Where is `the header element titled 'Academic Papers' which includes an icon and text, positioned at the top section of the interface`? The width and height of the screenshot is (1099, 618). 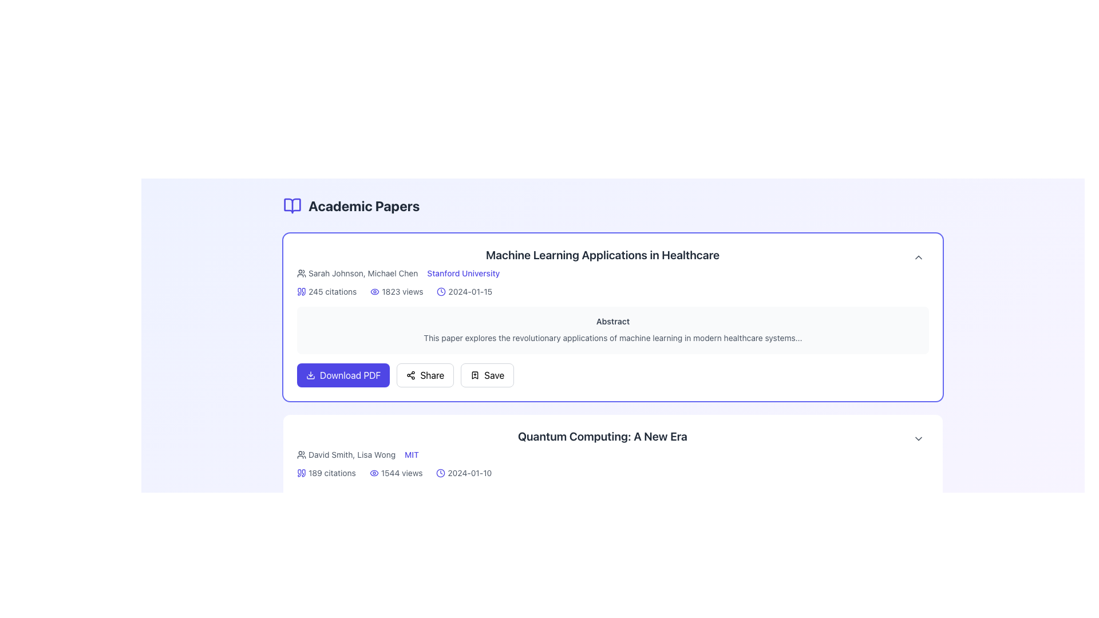
the header element titled 'Academic Papers' which includes an icon and text, positioned at the top section of the interface is located at coordinates (351, 205).